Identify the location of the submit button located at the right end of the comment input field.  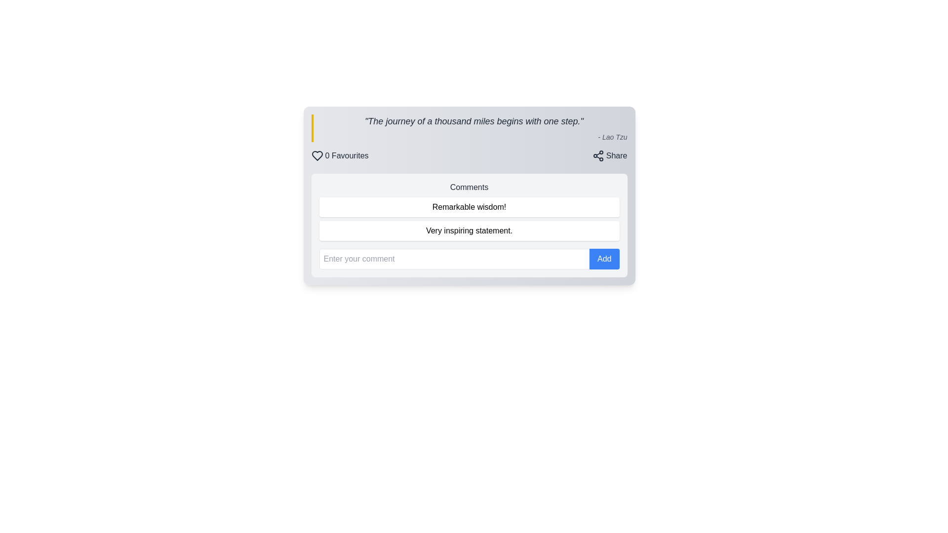
(604, 258).